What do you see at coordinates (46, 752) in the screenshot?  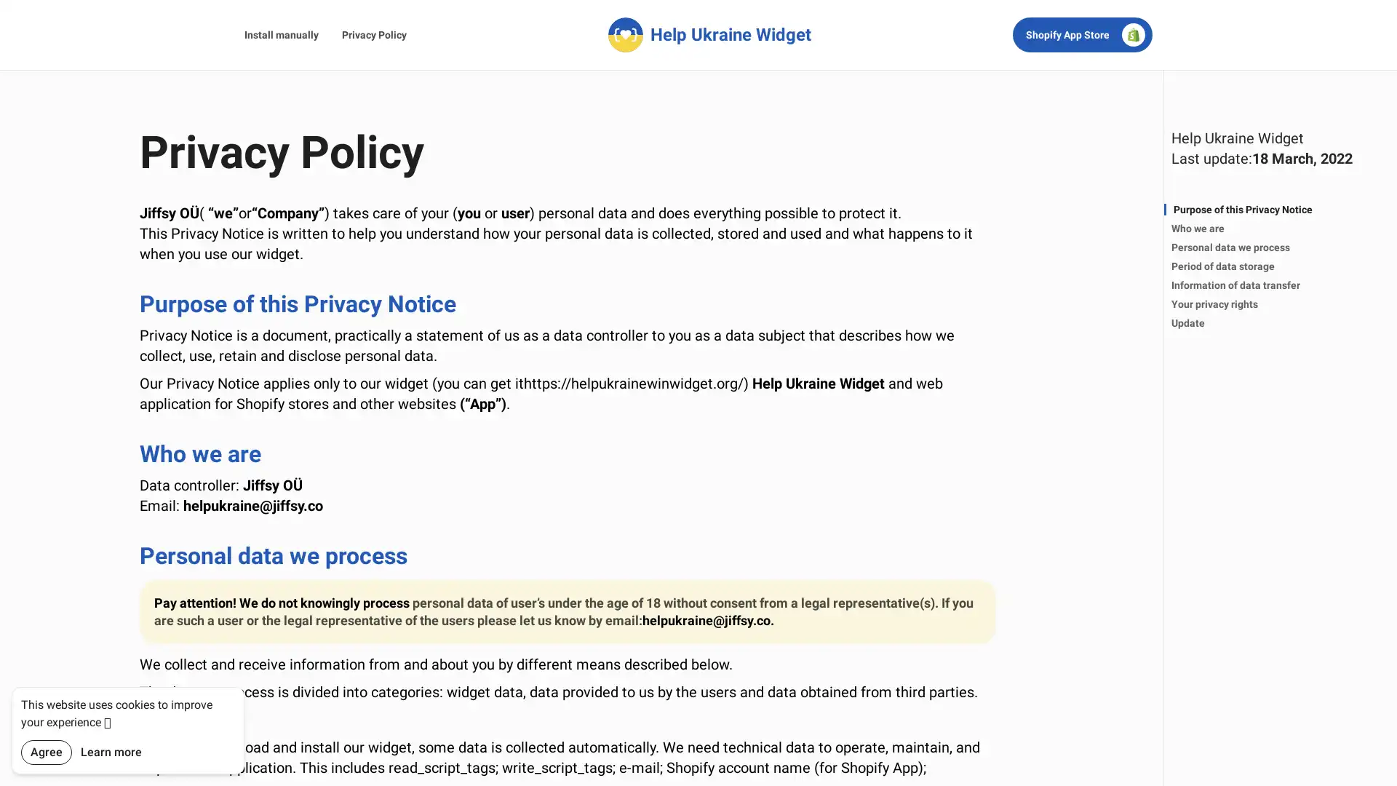 I see `Agree` at bounding box center [46, 752].